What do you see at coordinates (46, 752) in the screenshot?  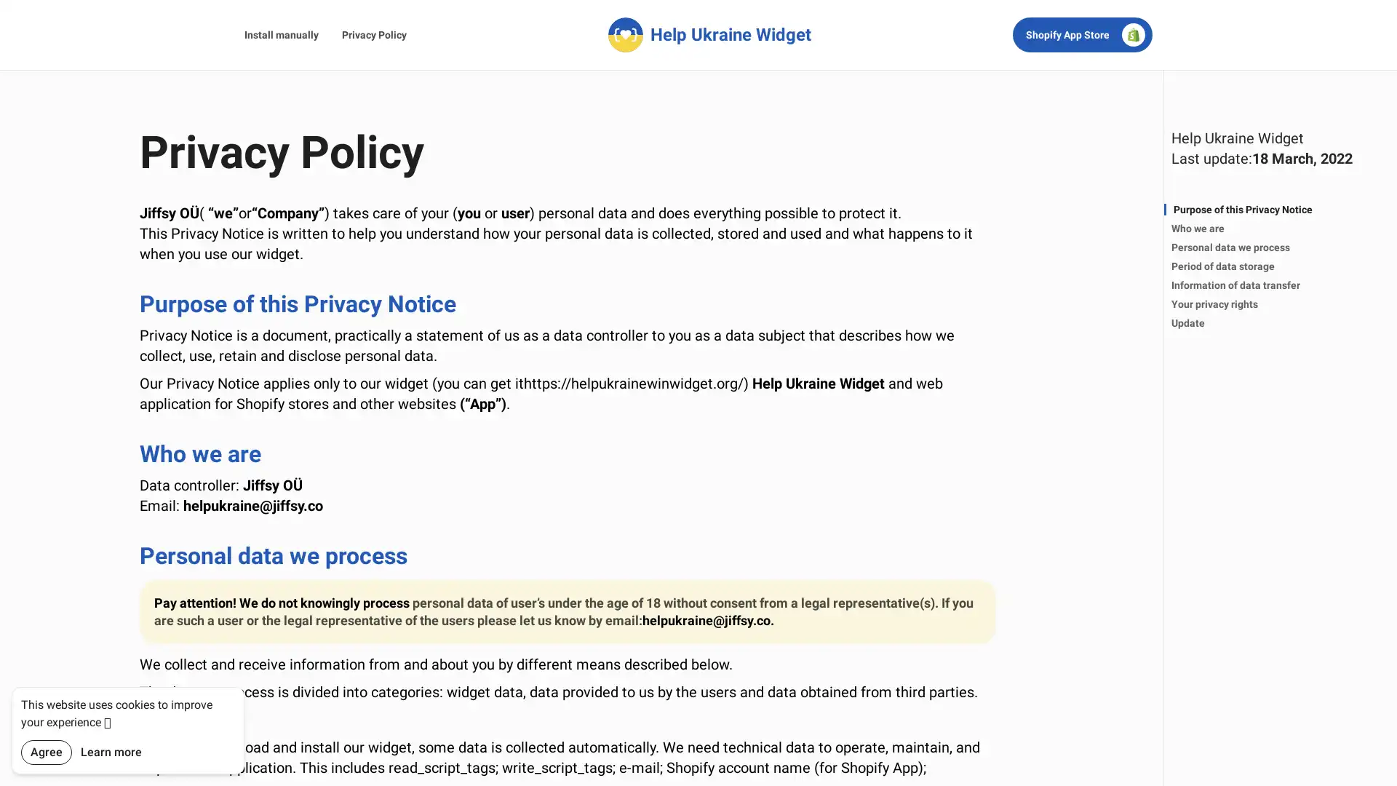 I see `Agree` at bounding box center [46, 752].